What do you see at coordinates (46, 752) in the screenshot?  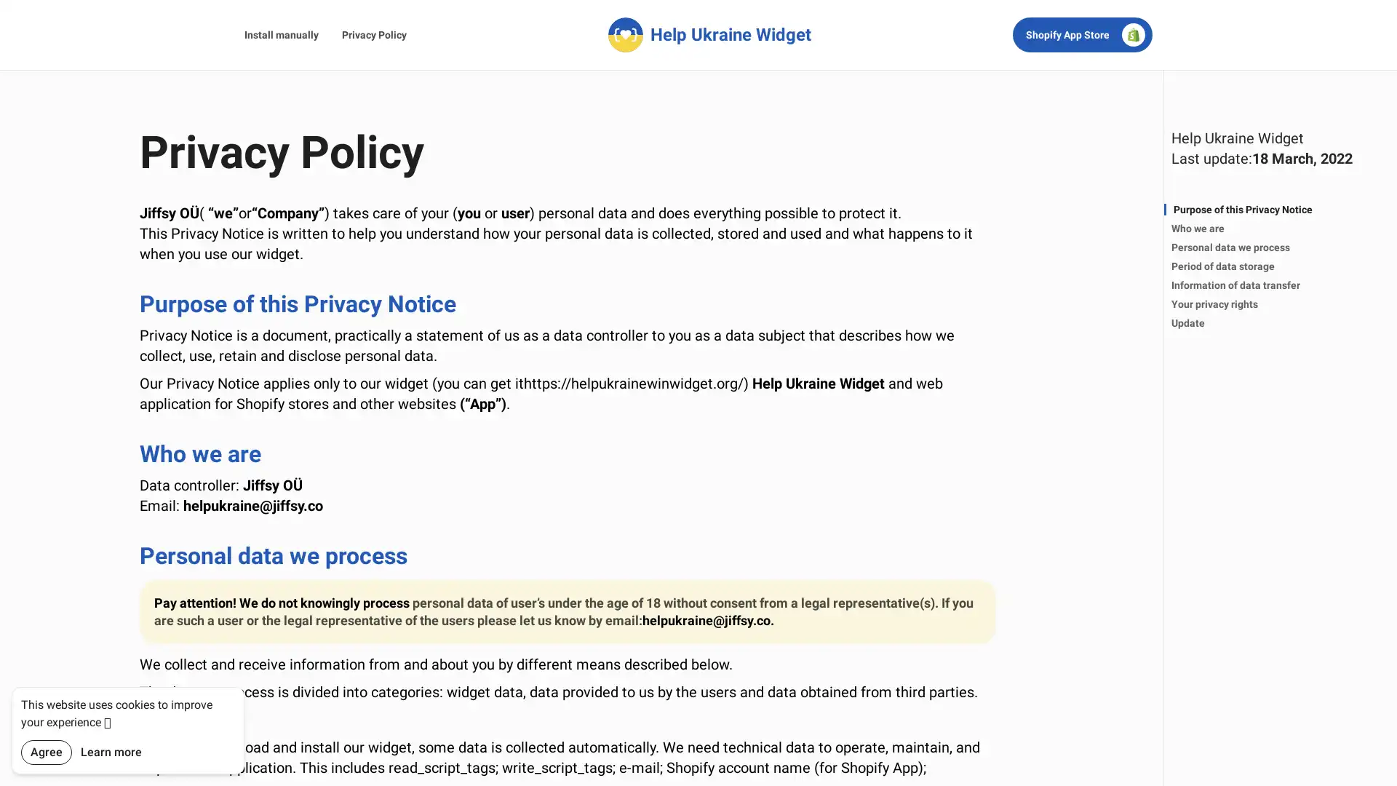 I see `Agree` at bounding box center [46, 752].